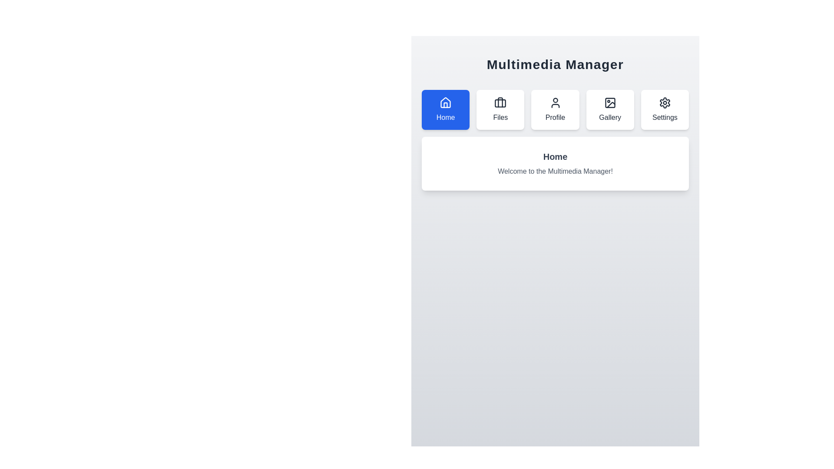 Image resolution: width=834 pixels, height=469 pixels. I want to click on the 'Gallery' SVG Icon located as the fourth button in the horizontal menu under the header, so click(609, 102).